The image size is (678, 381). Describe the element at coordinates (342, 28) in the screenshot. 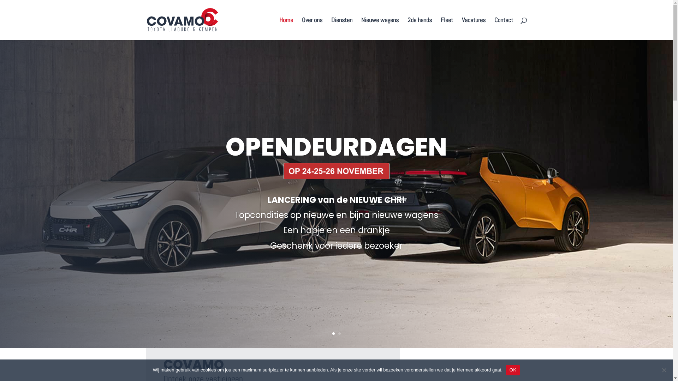

I see `'Diensten'` at that location.